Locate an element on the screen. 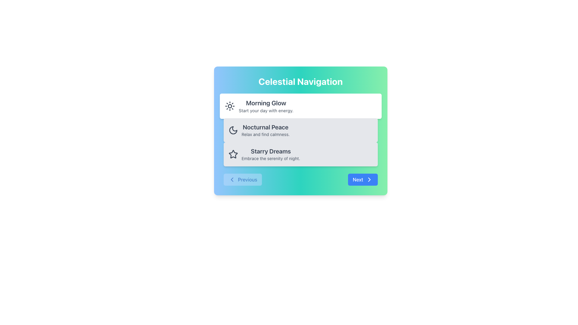  the descriptive text label located directly below the 'Nocturnal Peace' option in the 'Celestial Navigation' section is located at coordinates (265, 134).